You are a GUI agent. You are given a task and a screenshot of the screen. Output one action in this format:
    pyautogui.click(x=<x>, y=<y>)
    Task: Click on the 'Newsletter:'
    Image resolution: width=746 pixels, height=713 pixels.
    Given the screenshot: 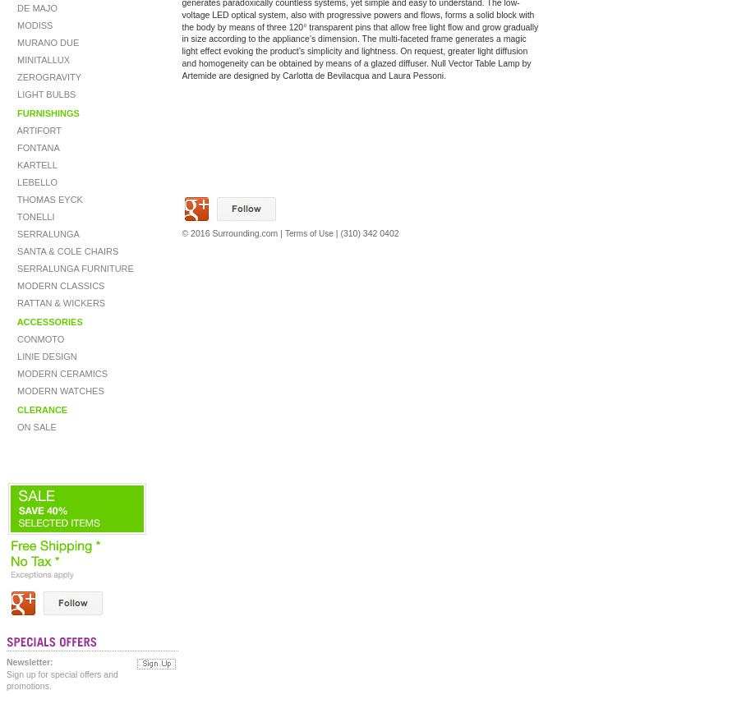 What is the action you would take?
    pyautogui.click(x=5, y=662)
    